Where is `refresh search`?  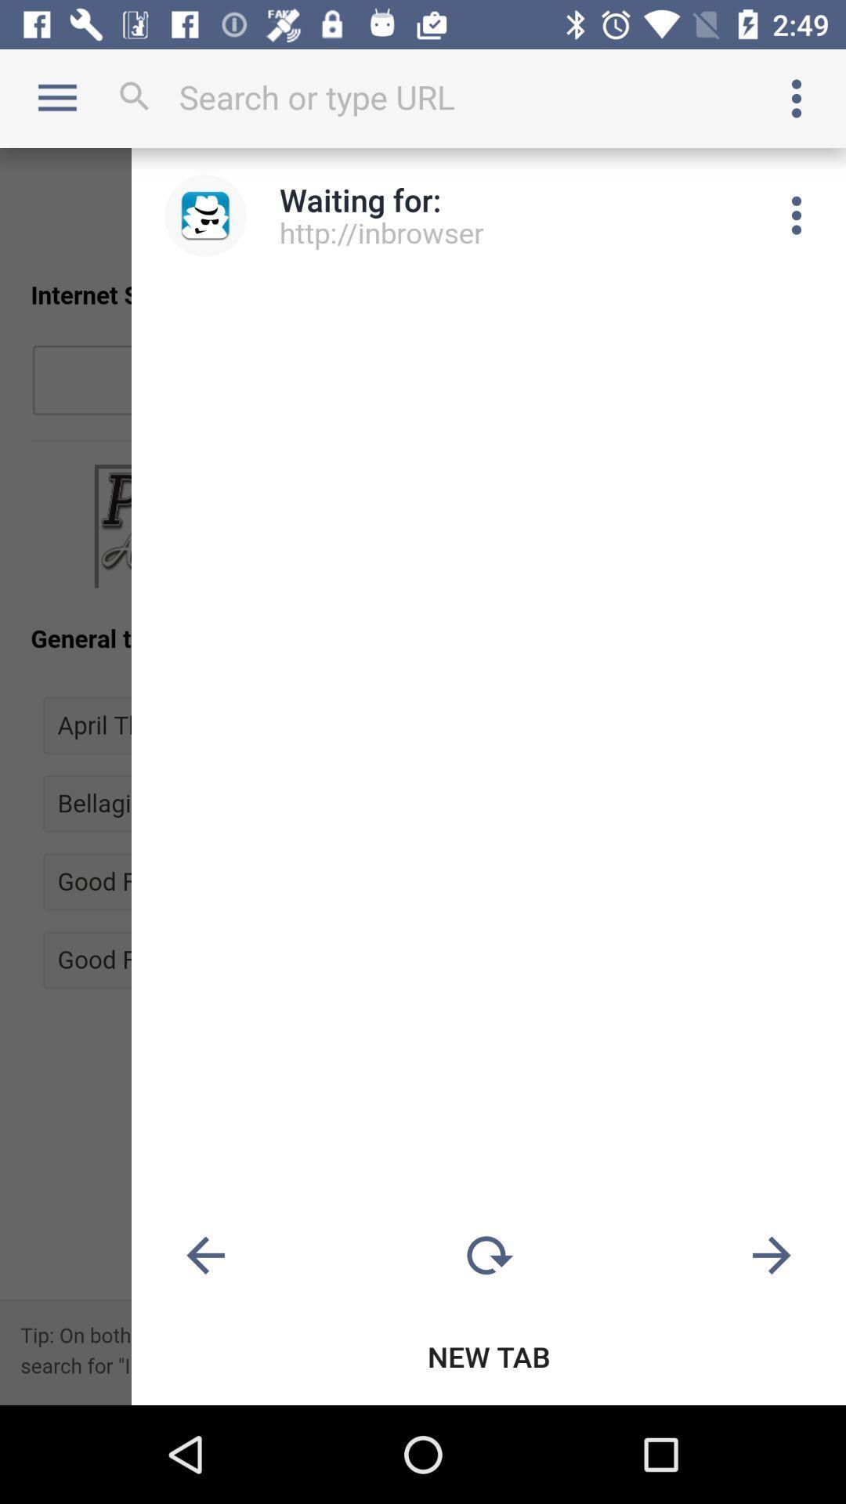 refresh search is located at coordinates (488, 1256).